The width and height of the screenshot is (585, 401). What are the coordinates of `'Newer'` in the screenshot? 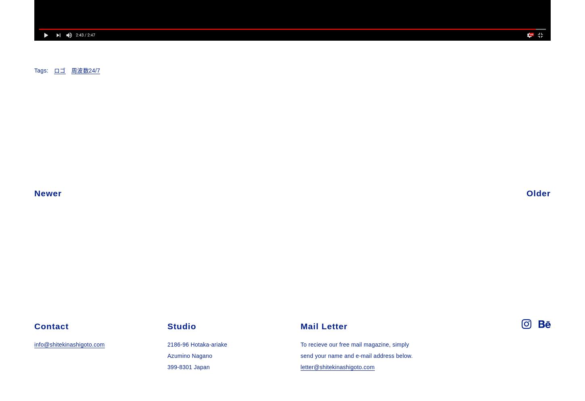 It's located at (48, 193).